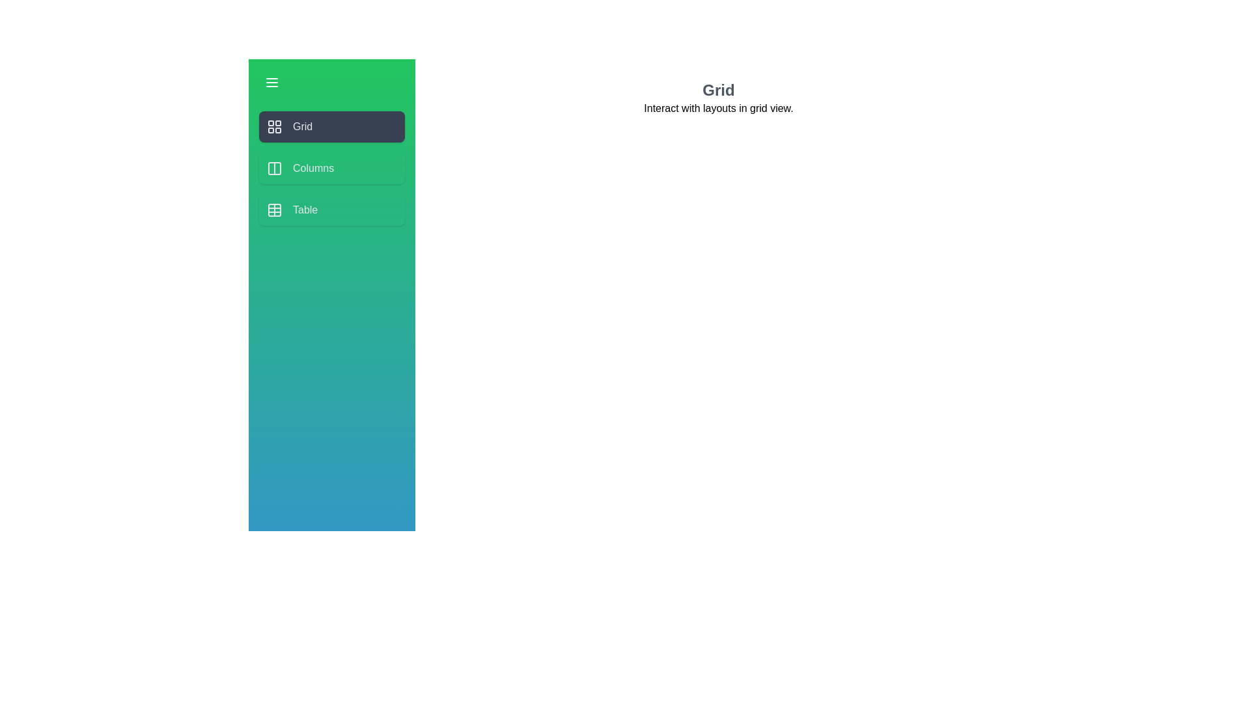 The height and width of the screenshot is (703, 1250). I want to click on the view option Table by clicking on the corresponding menu item, so click(331, 210).